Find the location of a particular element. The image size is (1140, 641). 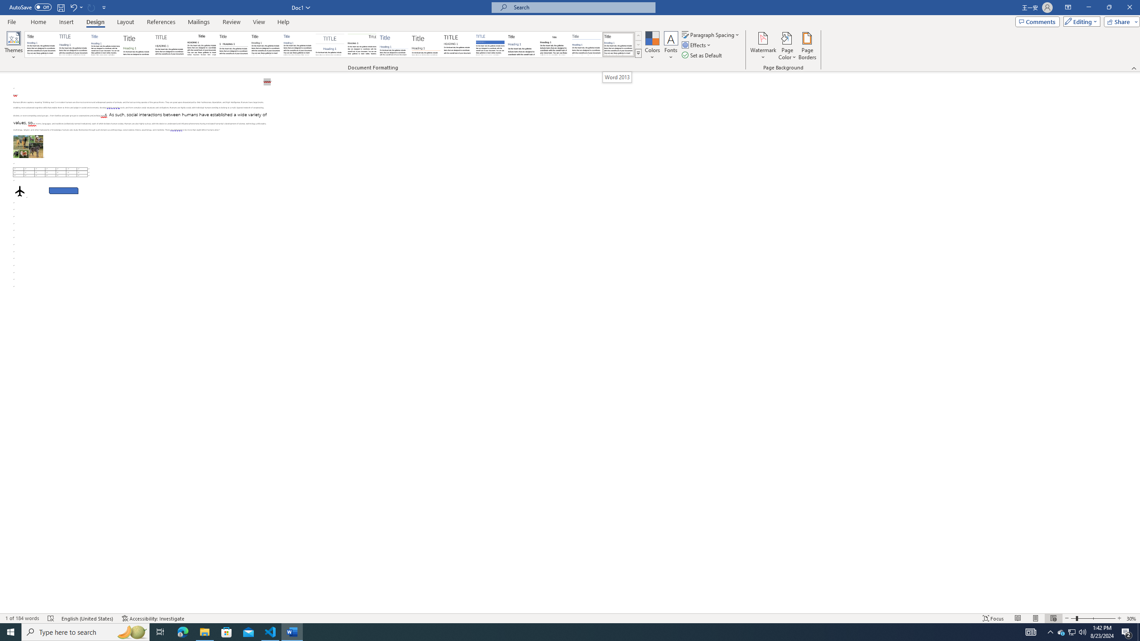

'Airplane with solid fill' is located at coordinates (20, 191).